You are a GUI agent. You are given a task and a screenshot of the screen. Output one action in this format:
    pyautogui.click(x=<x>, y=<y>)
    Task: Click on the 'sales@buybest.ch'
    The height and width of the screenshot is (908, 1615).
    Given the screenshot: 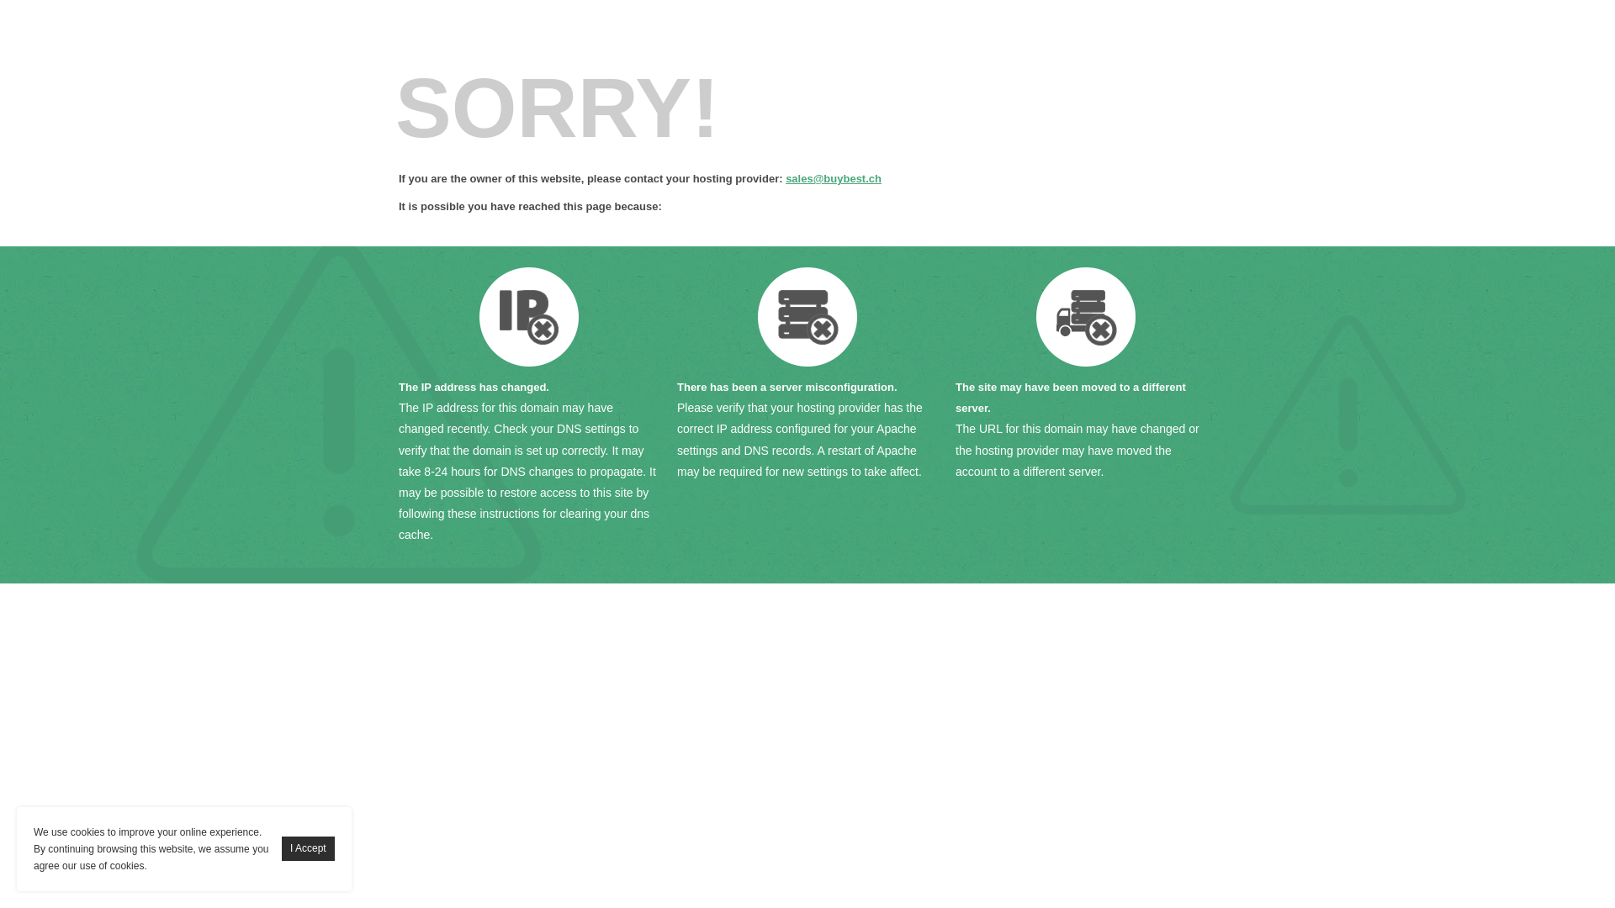 What is the action you would take?
    pyautogui.click(x=833, y=178)
    